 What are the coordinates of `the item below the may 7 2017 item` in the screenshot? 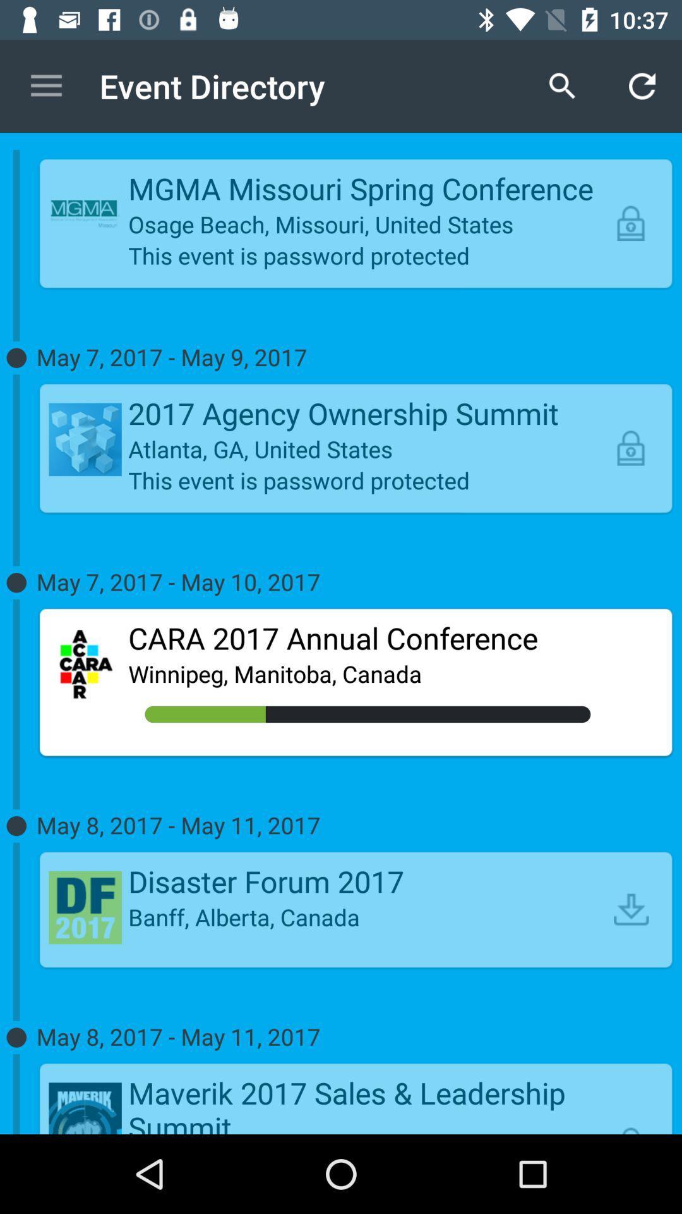 It's located at (368, 638).